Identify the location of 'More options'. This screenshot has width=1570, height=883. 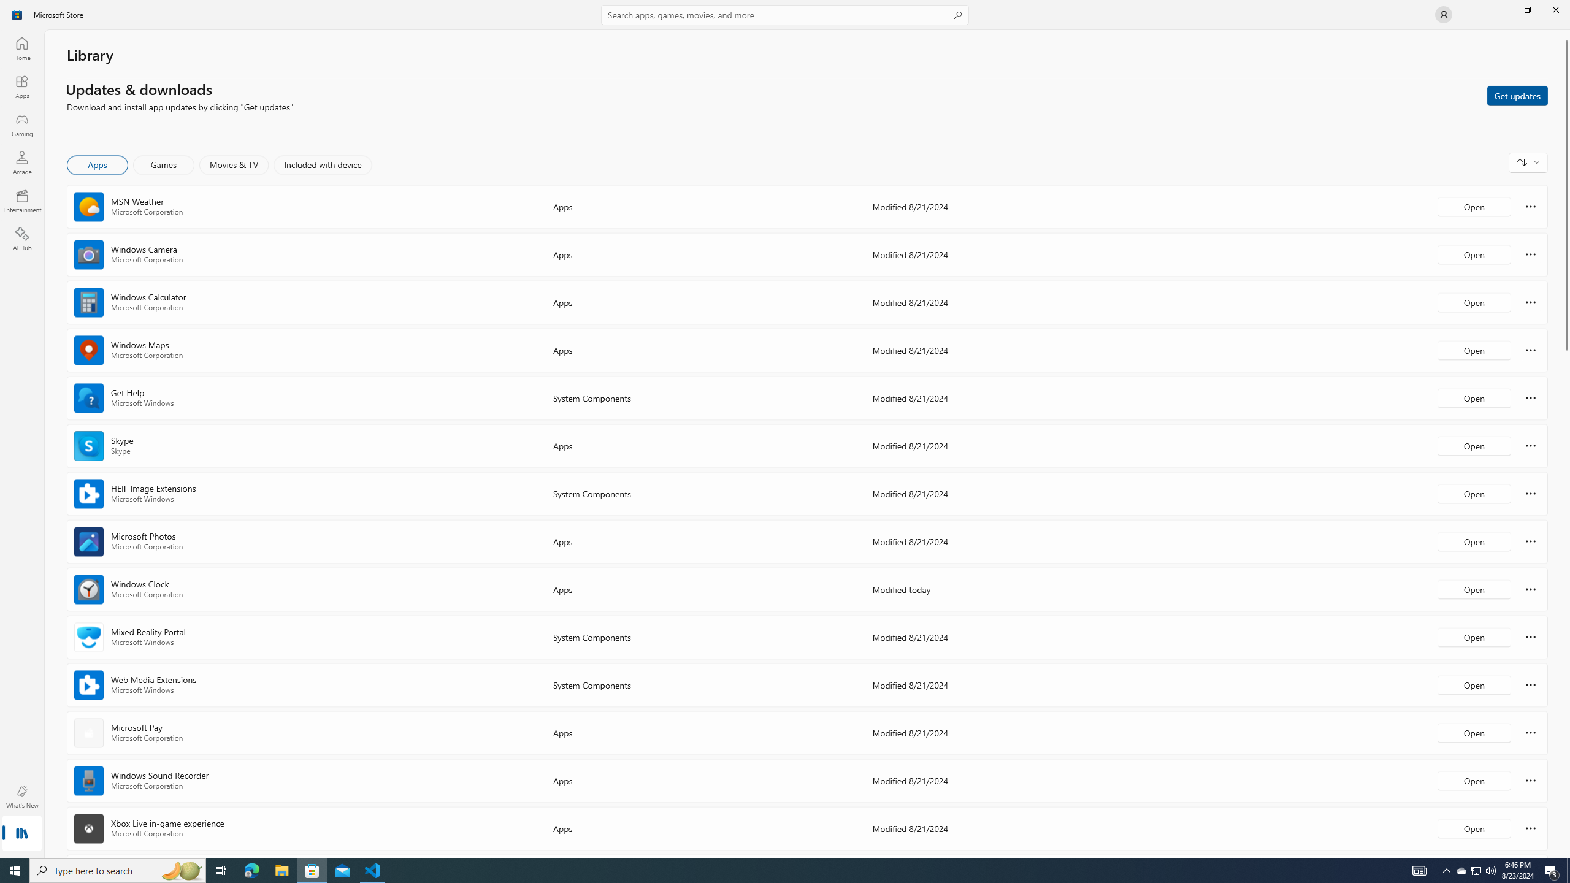
(1530, 827).